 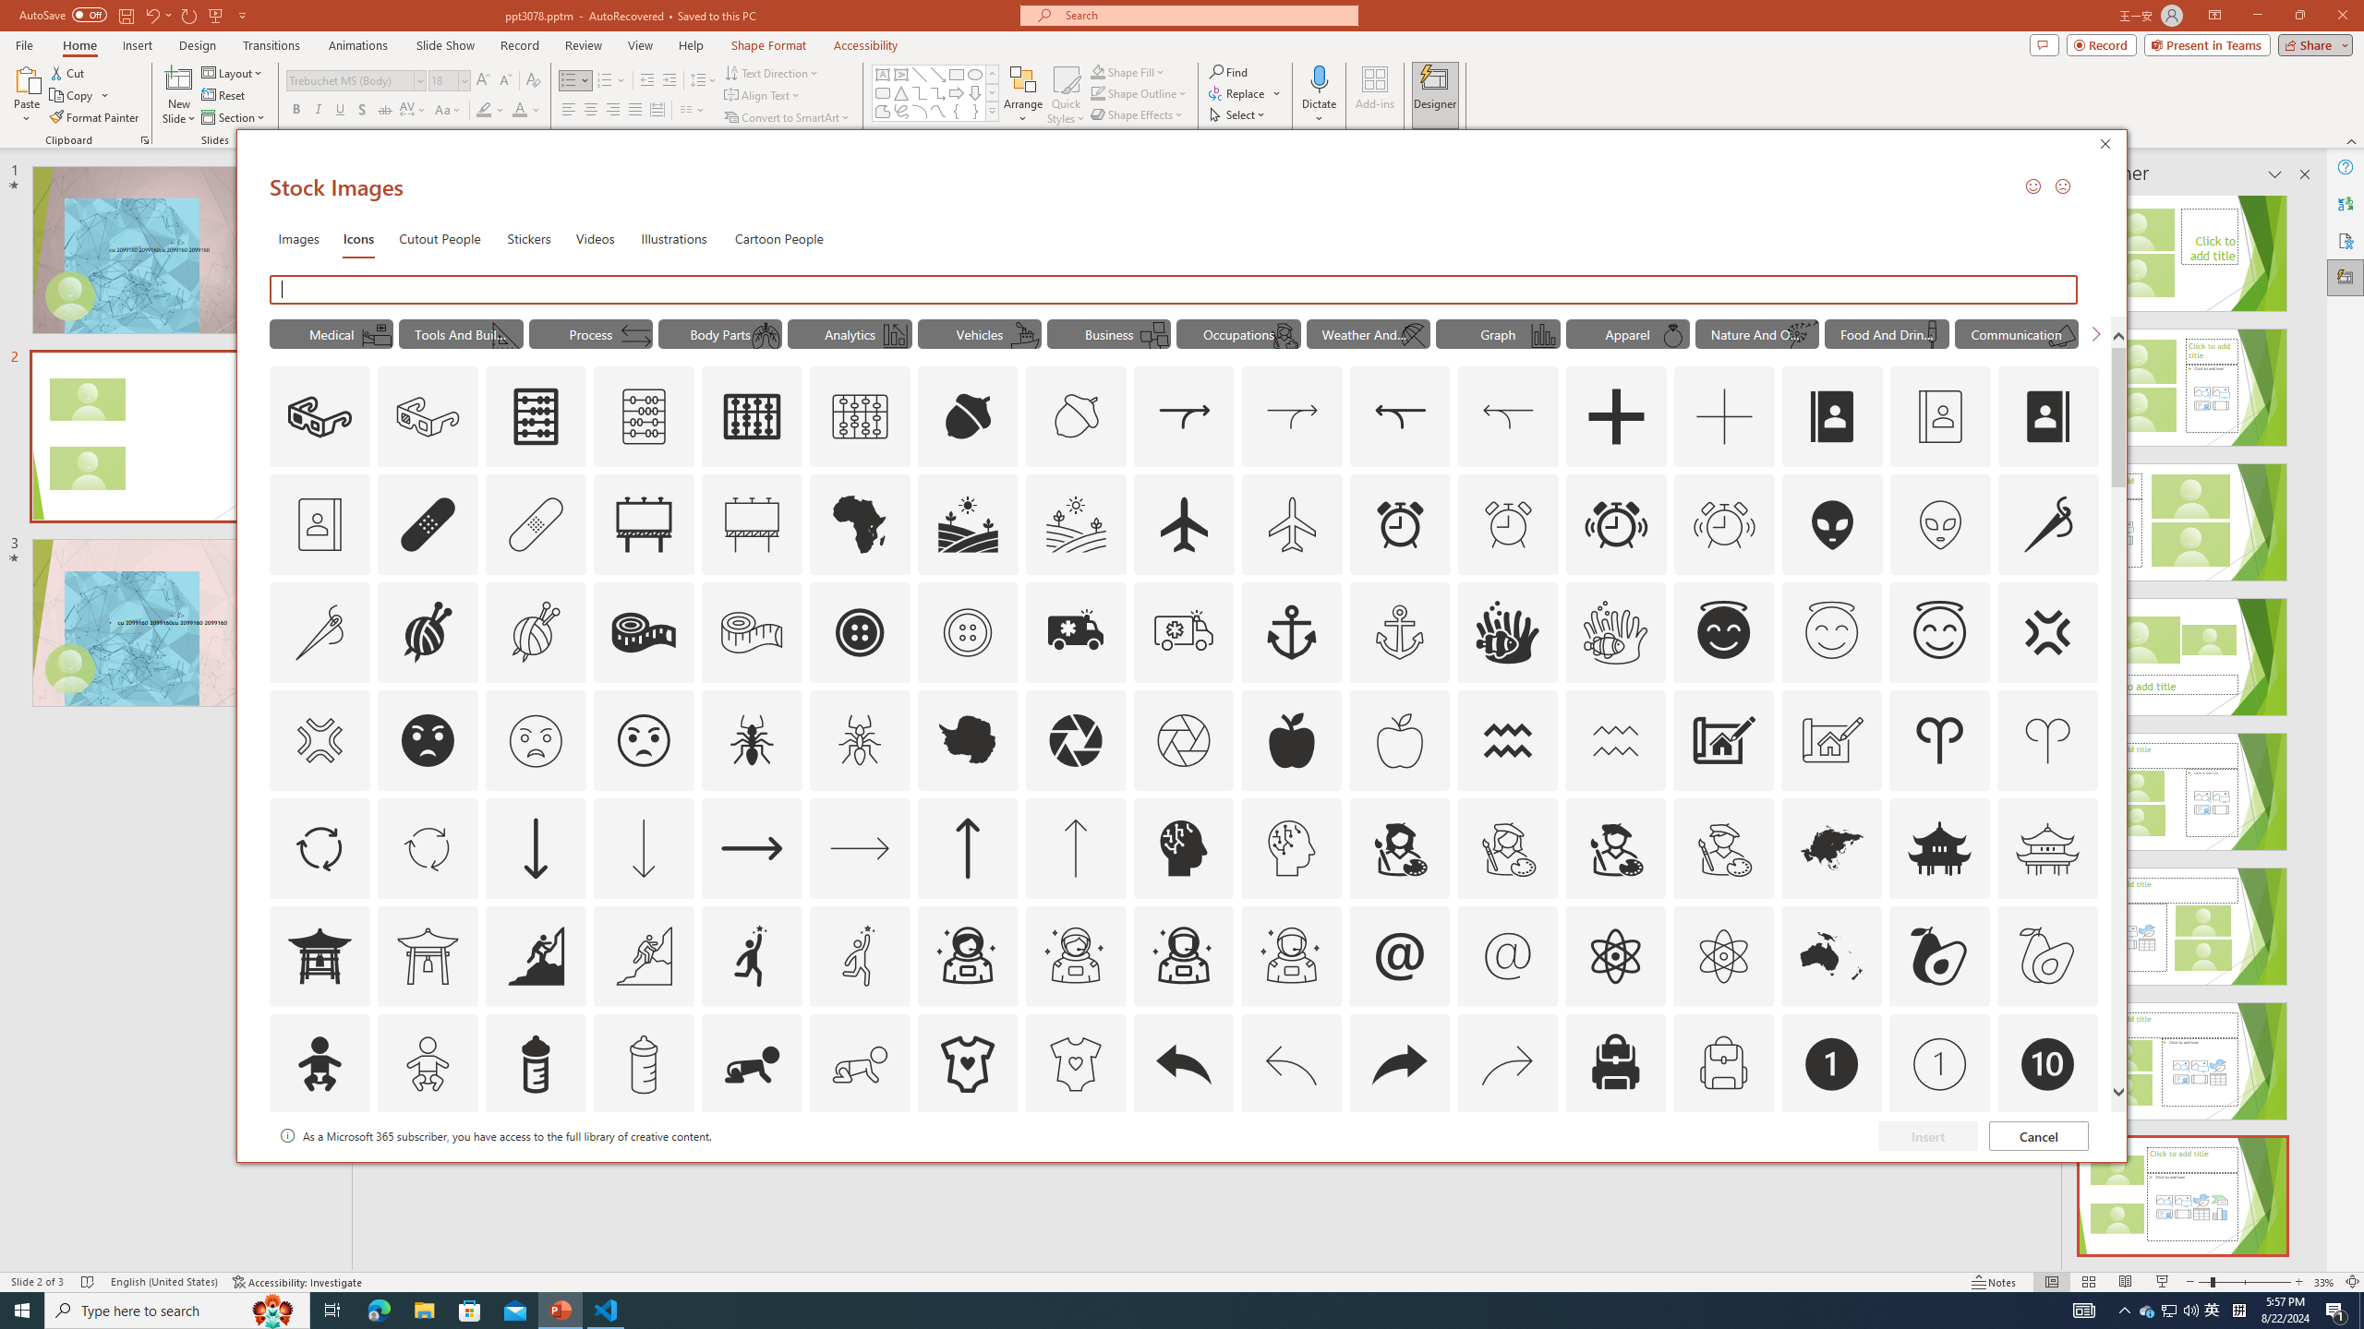 I want to click on 'AutomationID: Icons_AddressBook_LTR_M', so click(x=1939, y=416).